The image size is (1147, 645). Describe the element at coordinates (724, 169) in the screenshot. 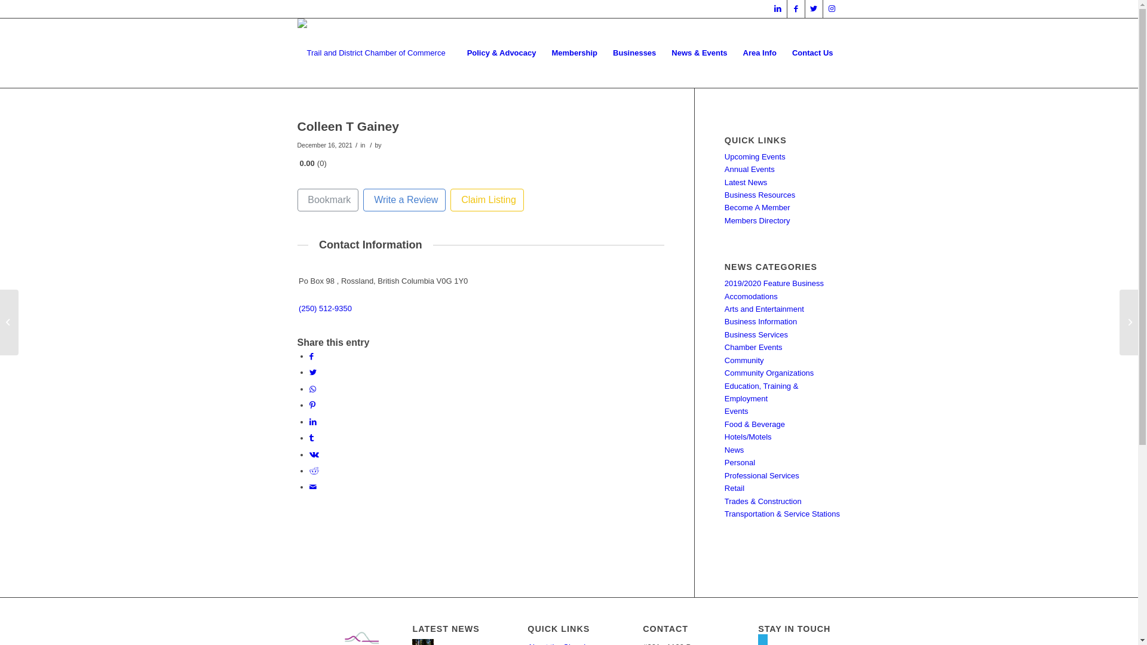

I see `'Annual Events'` at that location.